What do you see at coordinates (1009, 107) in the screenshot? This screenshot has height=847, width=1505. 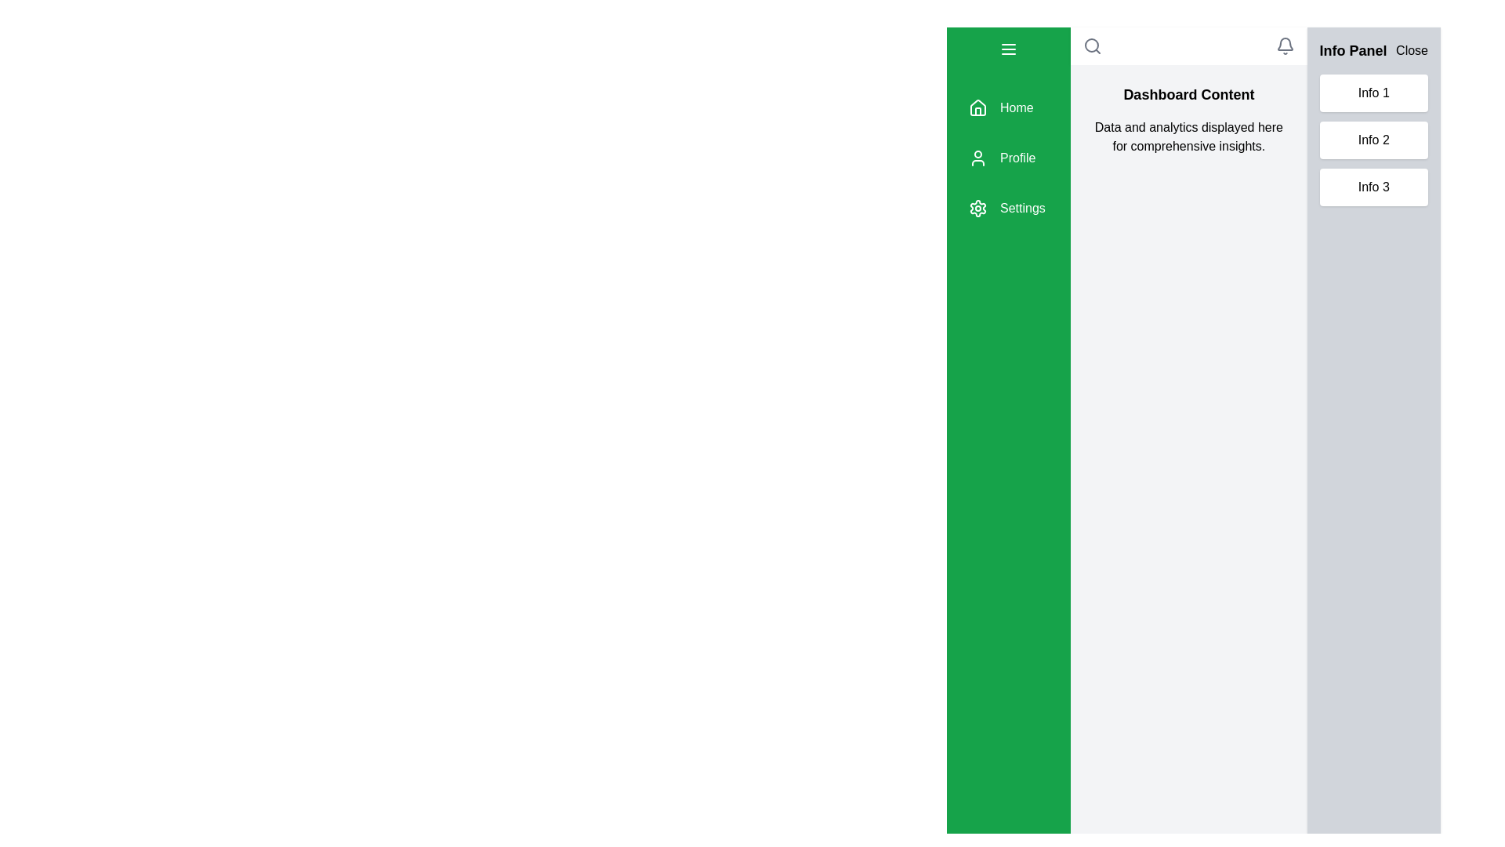 I see `the 'Home' navigational menu item, which has a green background and includes a house icon followed by the text 'Home' in white` at bounding box center [1009, 107].